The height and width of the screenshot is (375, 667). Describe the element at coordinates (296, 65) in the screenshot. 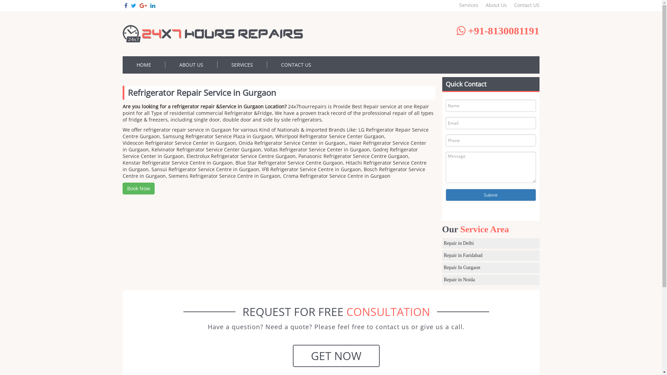

I see `'CONTACT US'` at that location.